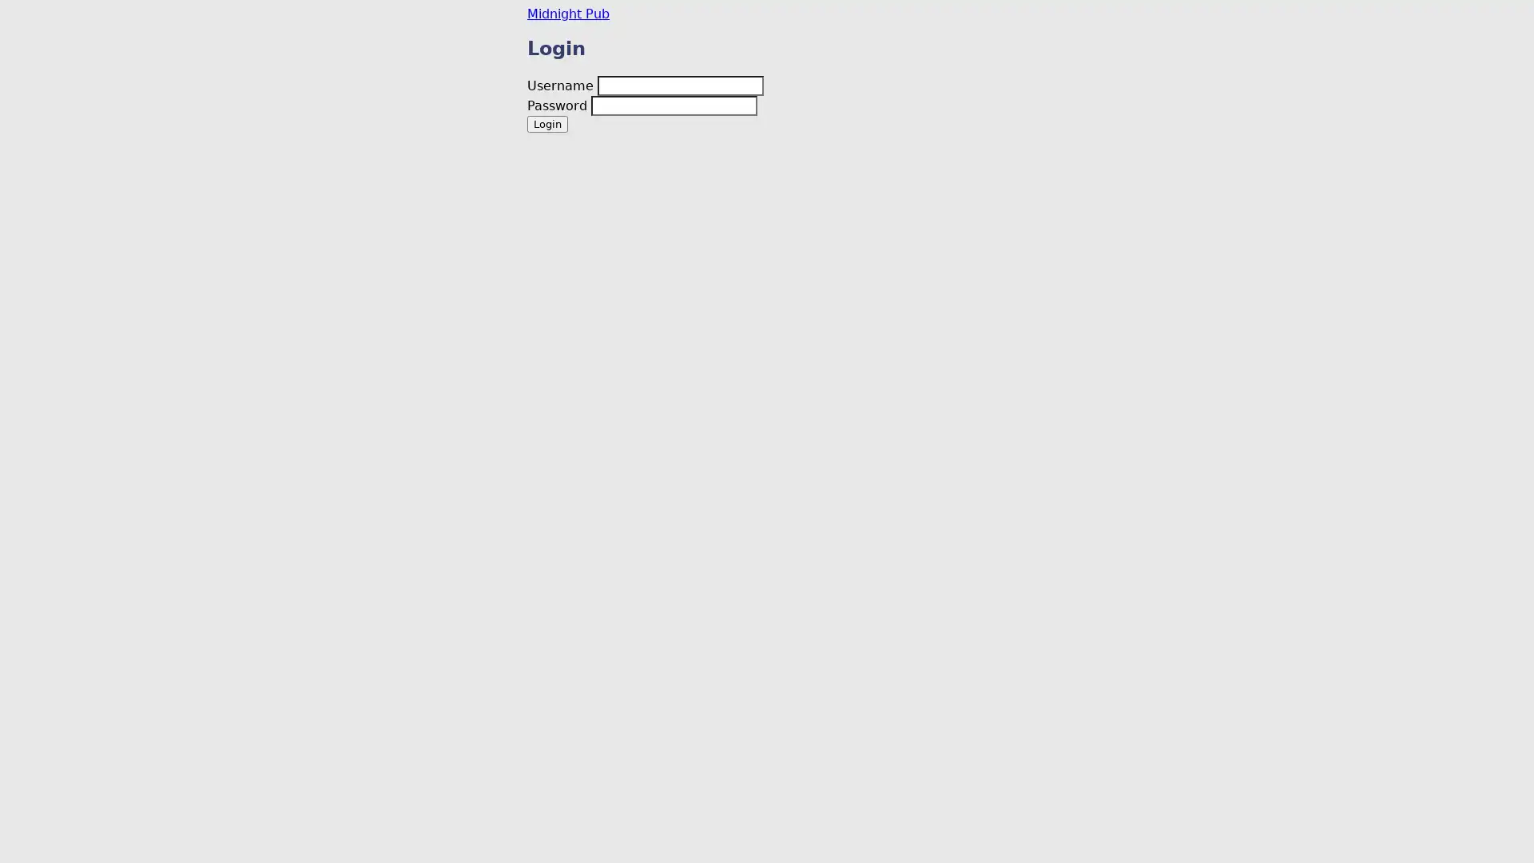 The image size is (1534, 863). What do you see at coordinates (547, 122) in the screenshot?
I see `Login` at bounding box center [547, 122].